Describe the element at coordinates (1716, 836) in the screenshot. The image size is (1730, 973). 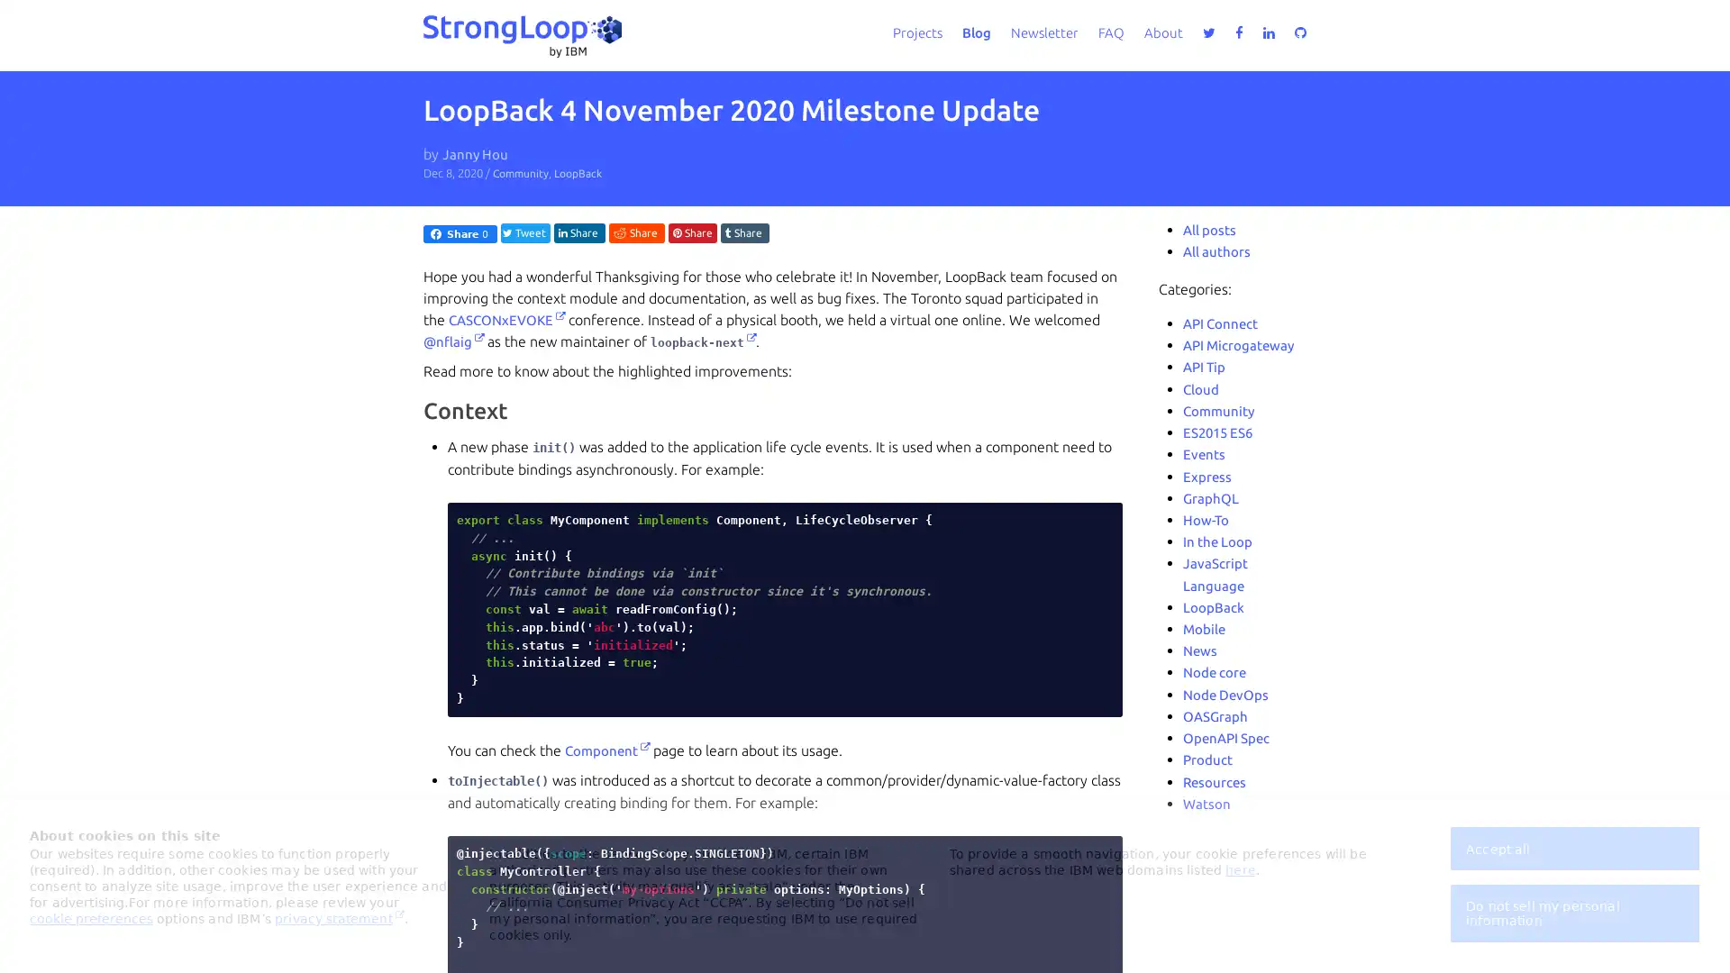
I see `close icon` at that location.